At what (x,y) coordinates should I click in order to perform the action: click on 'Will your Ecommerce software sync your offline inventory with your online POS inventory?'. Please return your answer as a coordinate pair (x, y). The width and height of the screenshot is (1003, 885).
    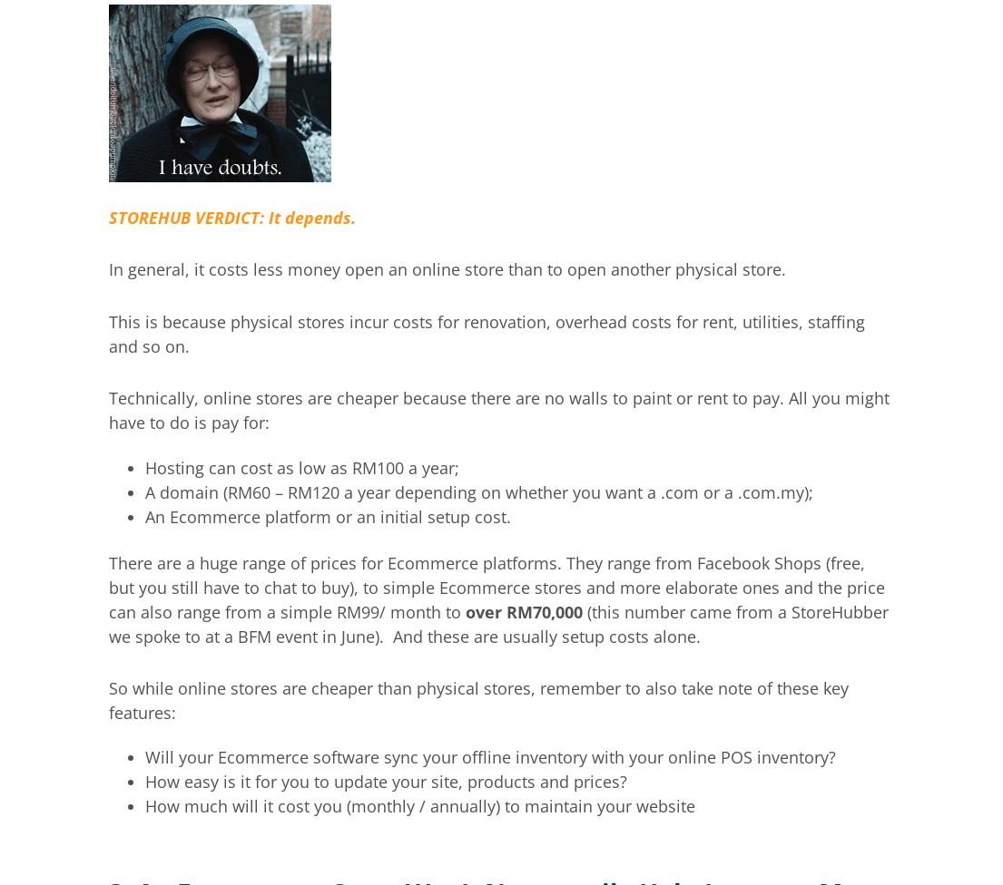
    Looking at the image, I should click on (489, 756).